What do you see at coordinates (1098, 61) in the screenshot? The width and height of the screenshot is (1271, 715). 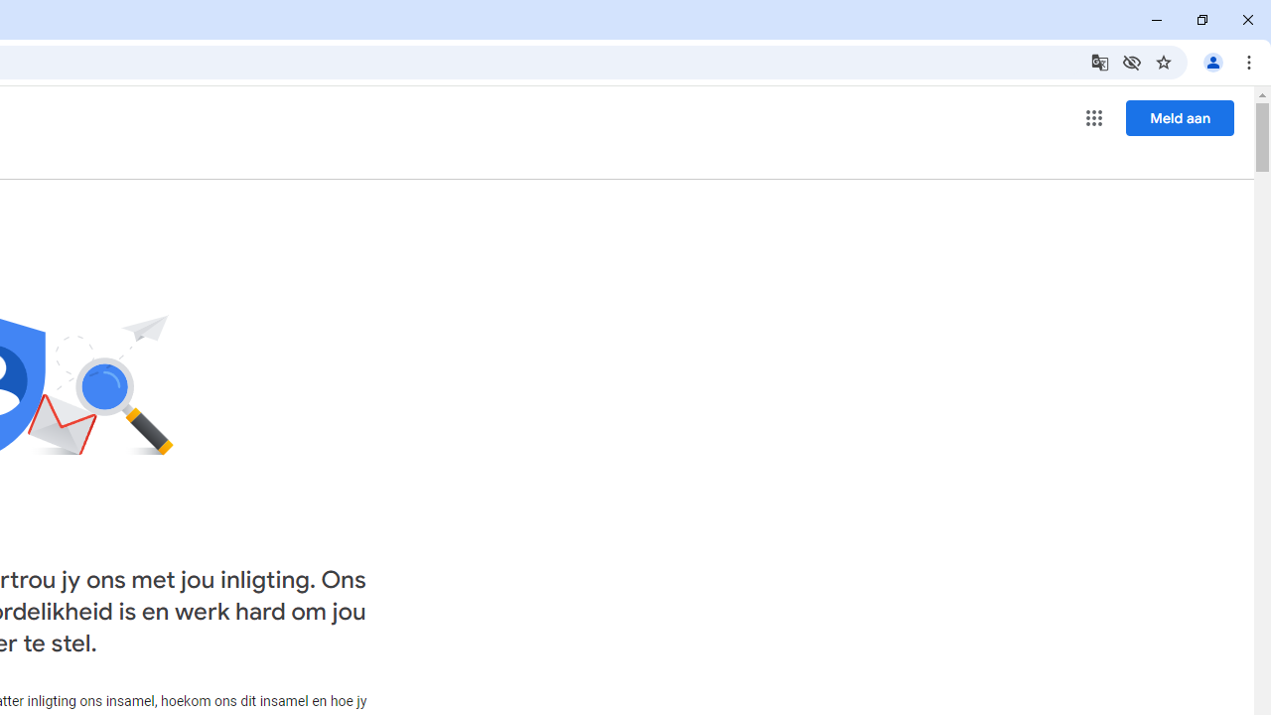 I see `'Translate this page'` at bounding box center [1098, 61].